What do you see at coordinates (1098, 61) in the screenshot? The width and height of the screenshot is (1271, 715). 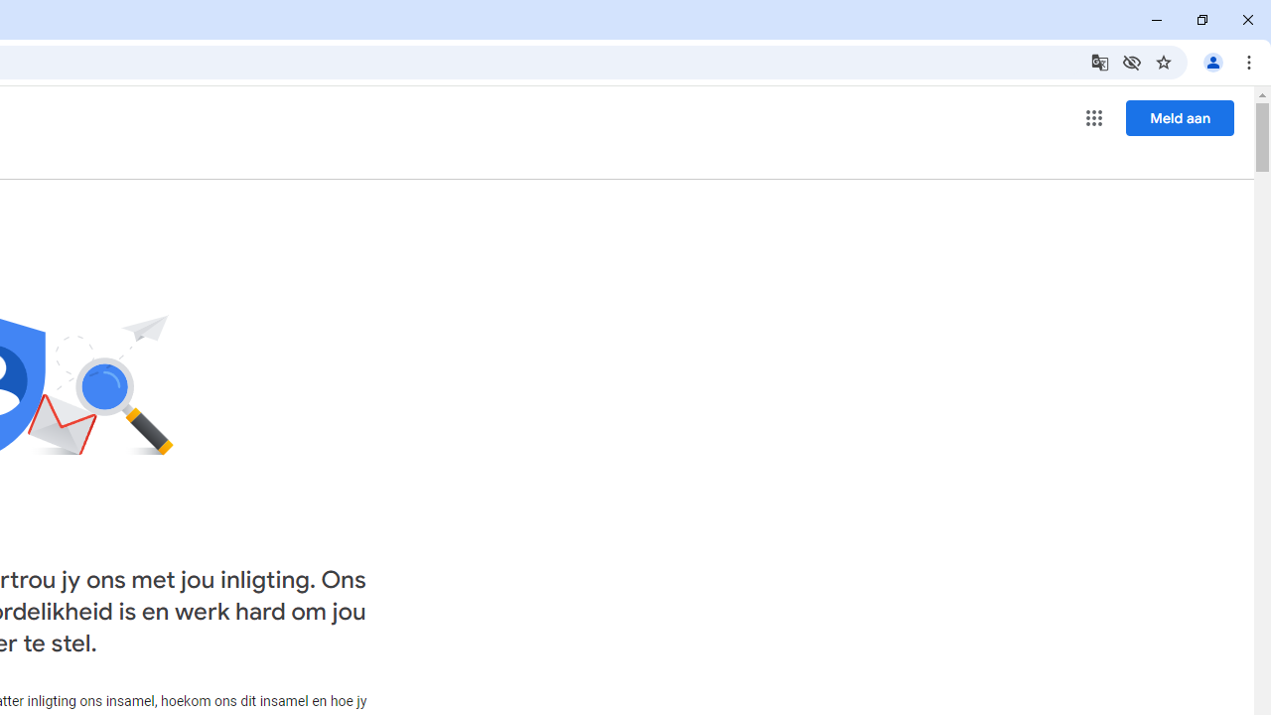 I see `'Translate this page'` at bounding box center [1098, 61].